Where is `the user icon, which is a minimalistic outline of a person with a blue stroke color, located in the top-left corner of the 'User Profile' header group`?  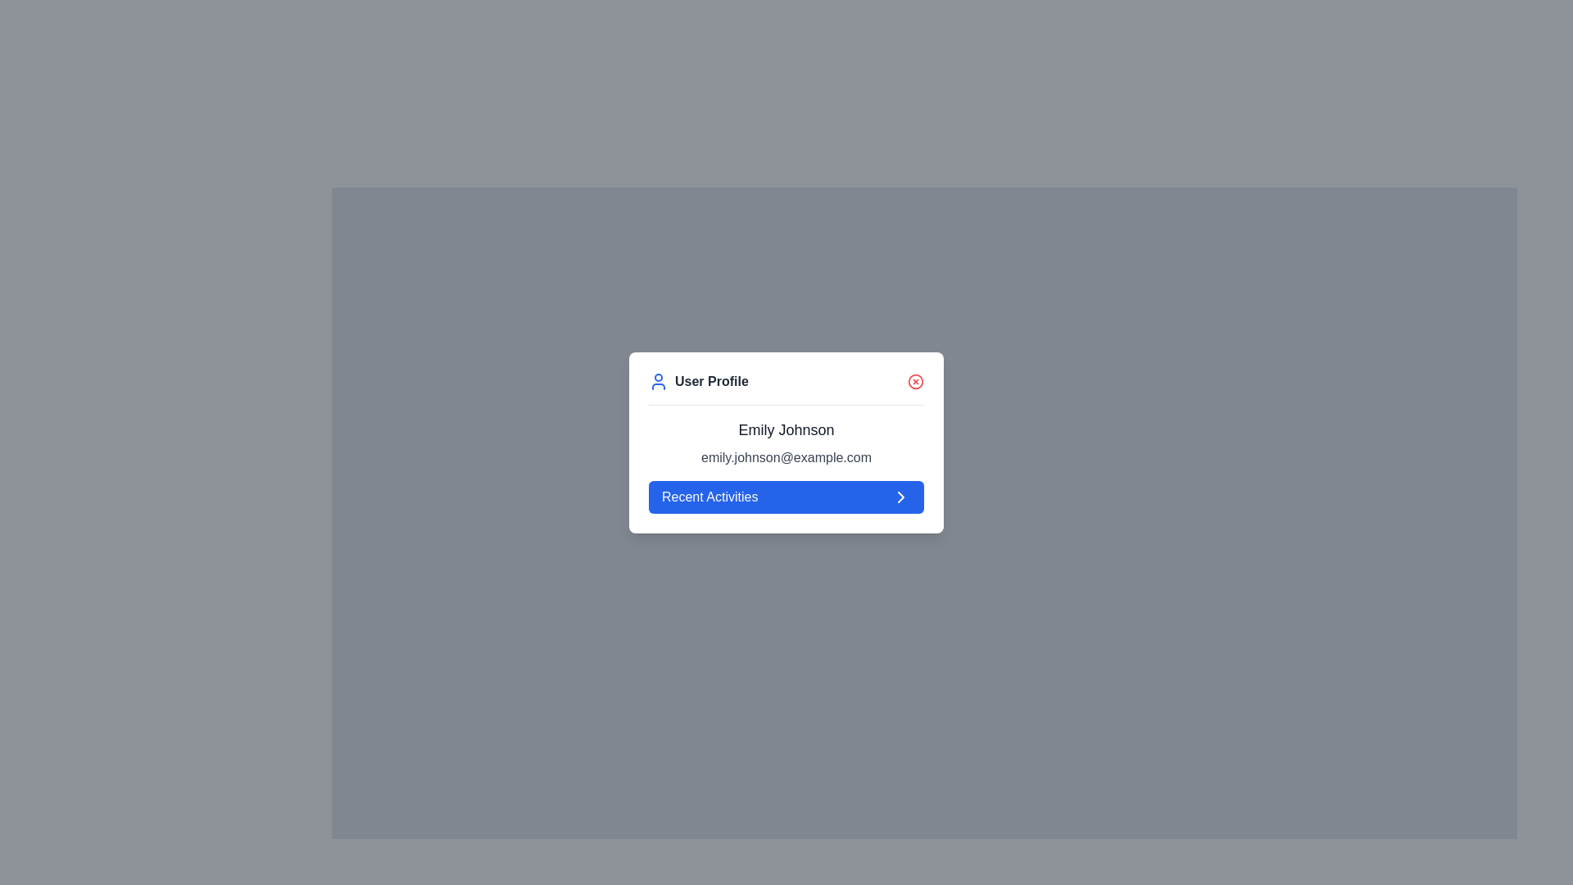 the user icon, which is a minimalistic outline of a person with a blue stroke color, located in the top-left corner of the 'User Profile' header group is located at coordinates (659, 381).